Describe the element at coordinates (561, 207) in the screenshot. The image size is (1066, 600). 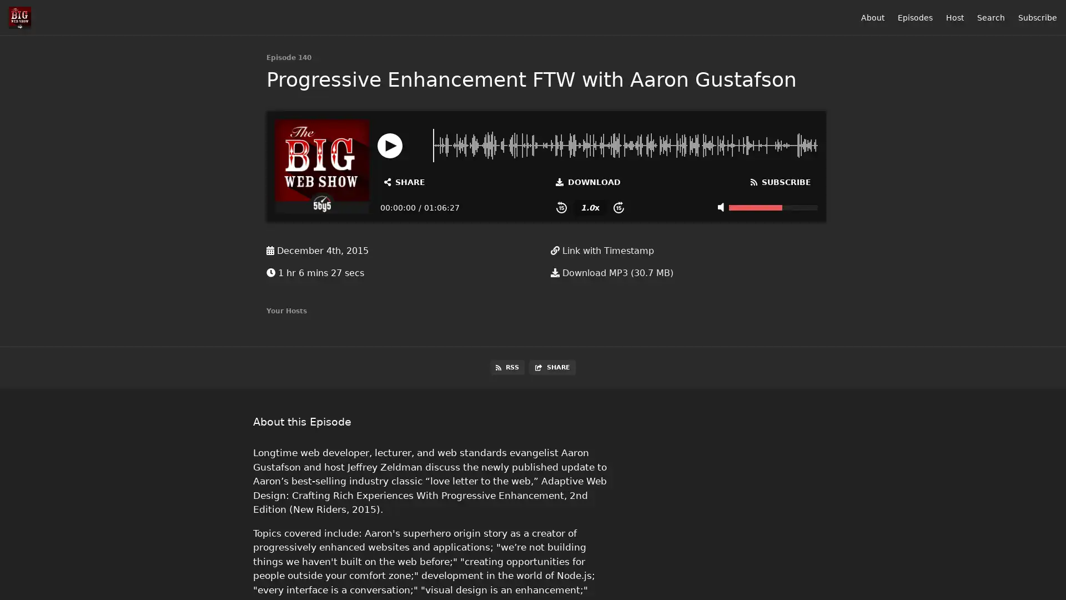
I see `Skip Back 15 Seconds` at that location.